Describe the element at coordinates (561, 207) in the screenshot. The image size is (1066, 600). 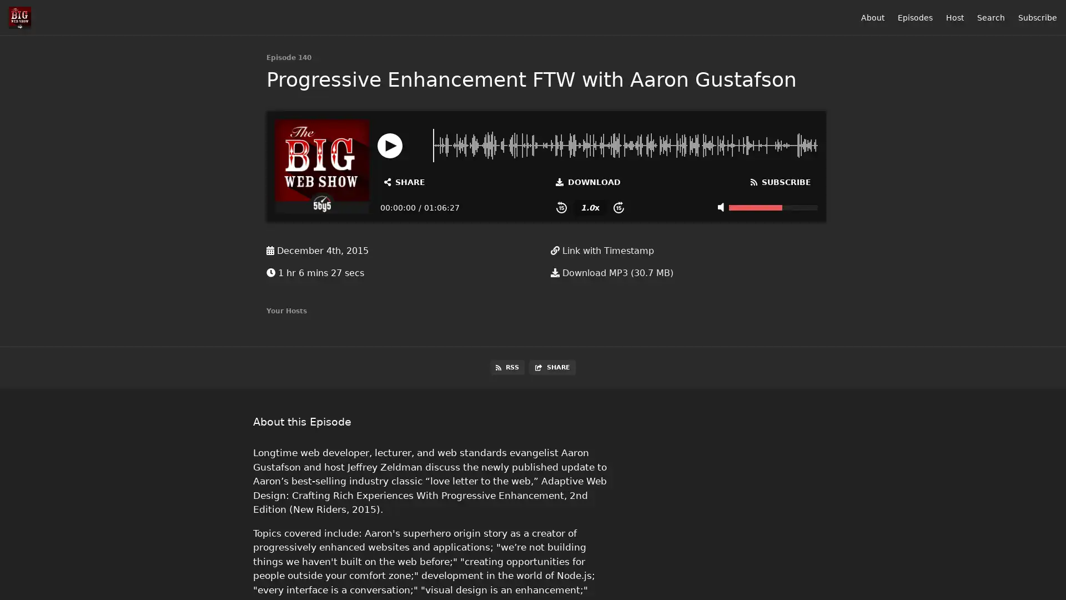
I see `Skip Back 15 Seconds` at that location.